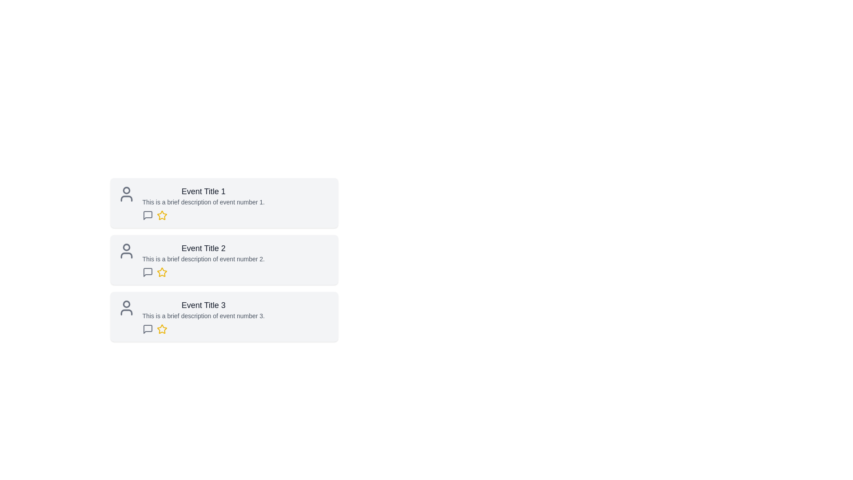 This screenshot has height=480, width=853. What do you see at coordinates (147, 216) in the screenshot?
I see `the comment icon located in the first row of the event list, to the left of the star icon for marking favorites` at bounding box center [147, 216].